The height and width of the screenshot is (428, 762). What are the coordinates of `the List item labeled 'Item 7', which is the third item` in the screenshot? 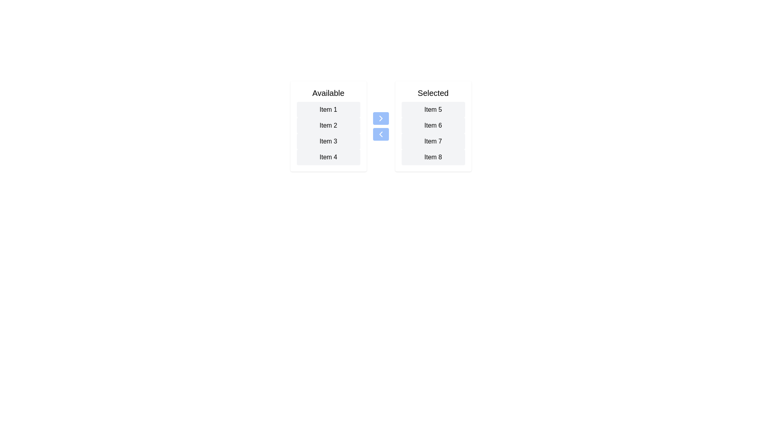 It's located at (433, 141).